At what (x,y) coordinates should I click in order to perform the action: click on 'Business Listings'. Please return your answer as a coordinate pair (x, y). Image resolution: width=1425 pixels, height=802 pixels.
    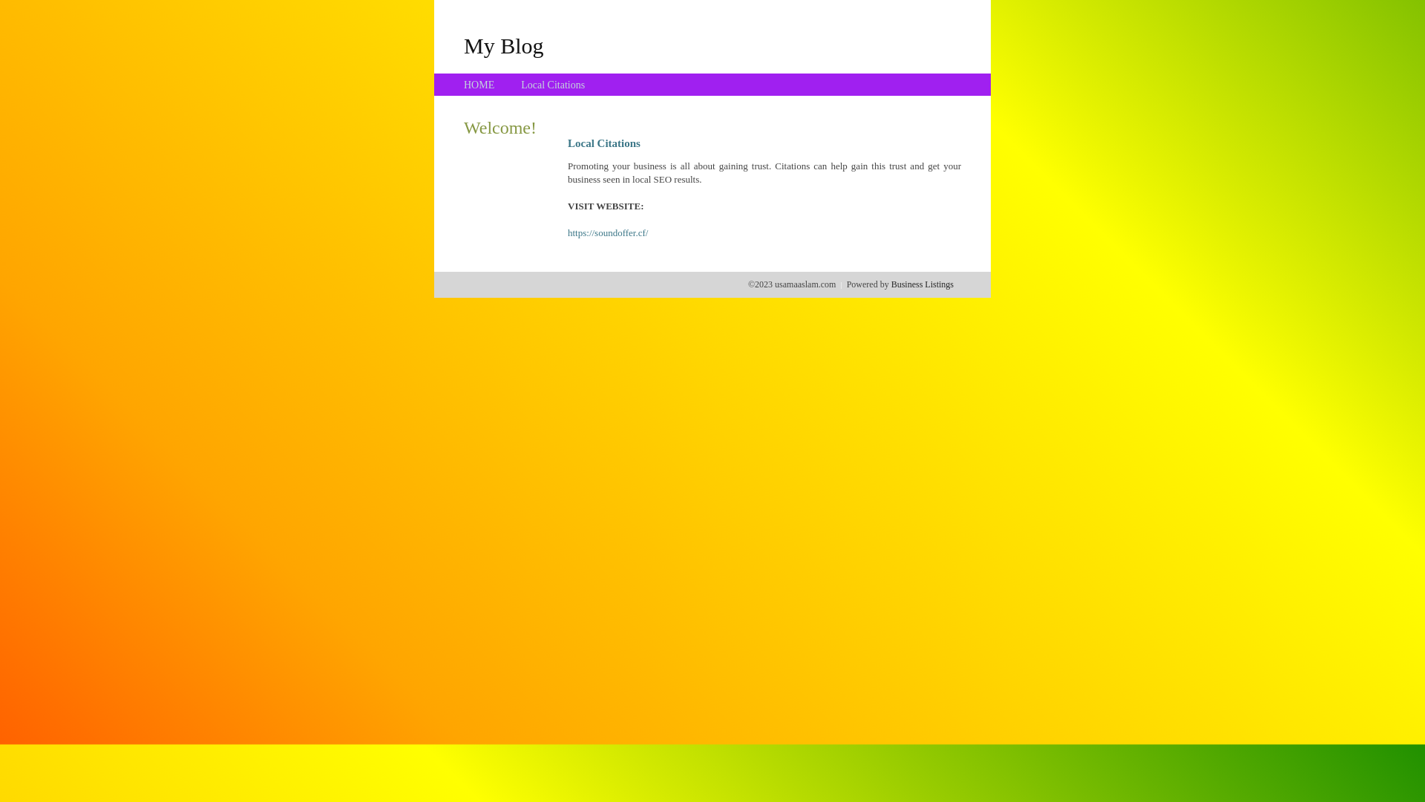
    Looking at the image, I should click on (922, 284).